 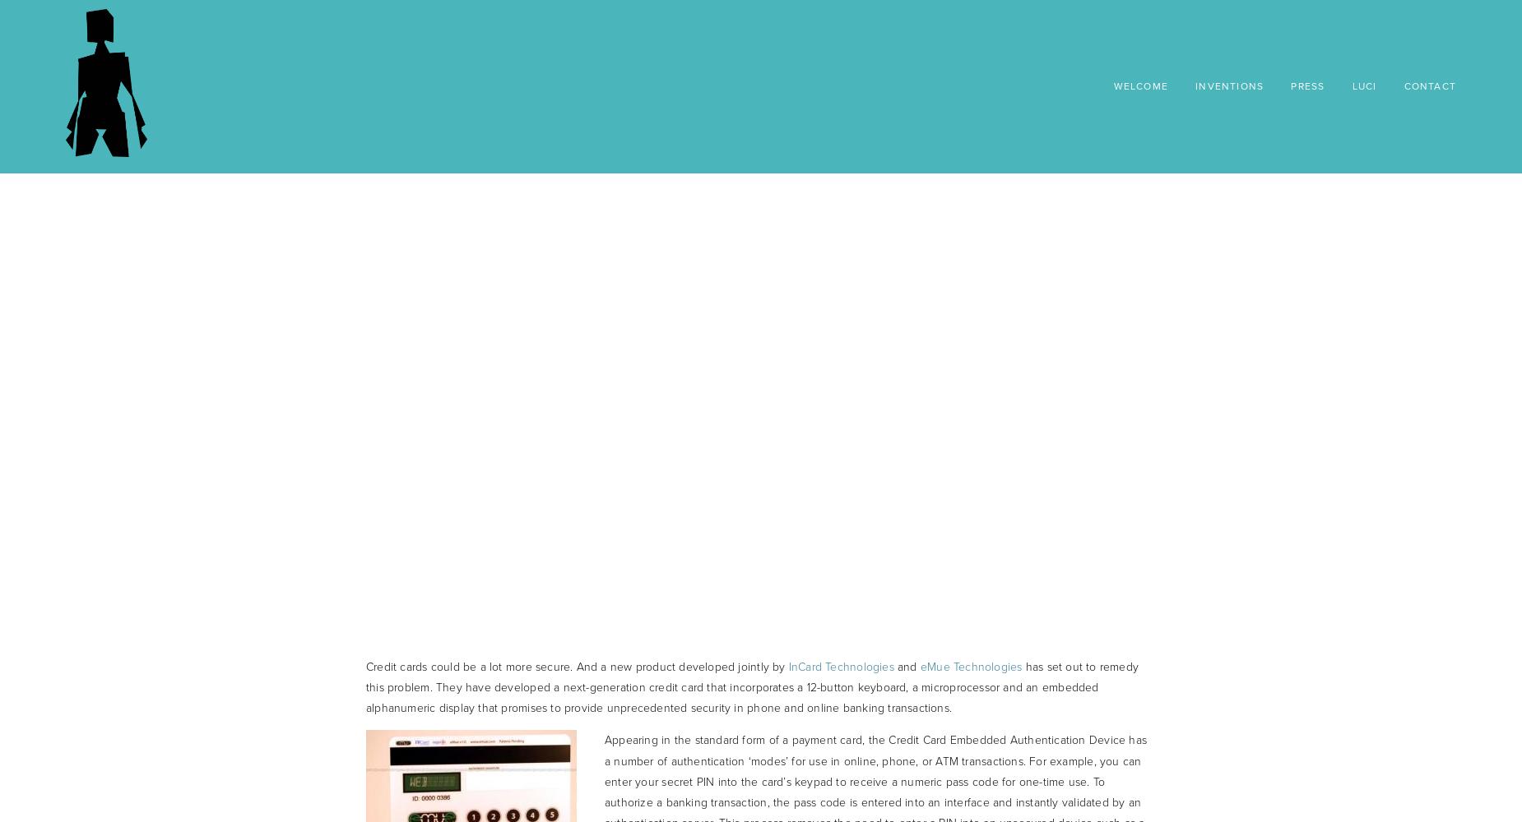 What do you see at coordinates (752, 686) in the screenshot?
I see `'has set out to remedy this problem. They have developed a next-generation credit card that incorporates a 12-button keyboard, a microprocessor and an embedded alphanumeric display that promises to provide unprecedented security in phone and online banking transactions.'` at bounding box center [752, 686].